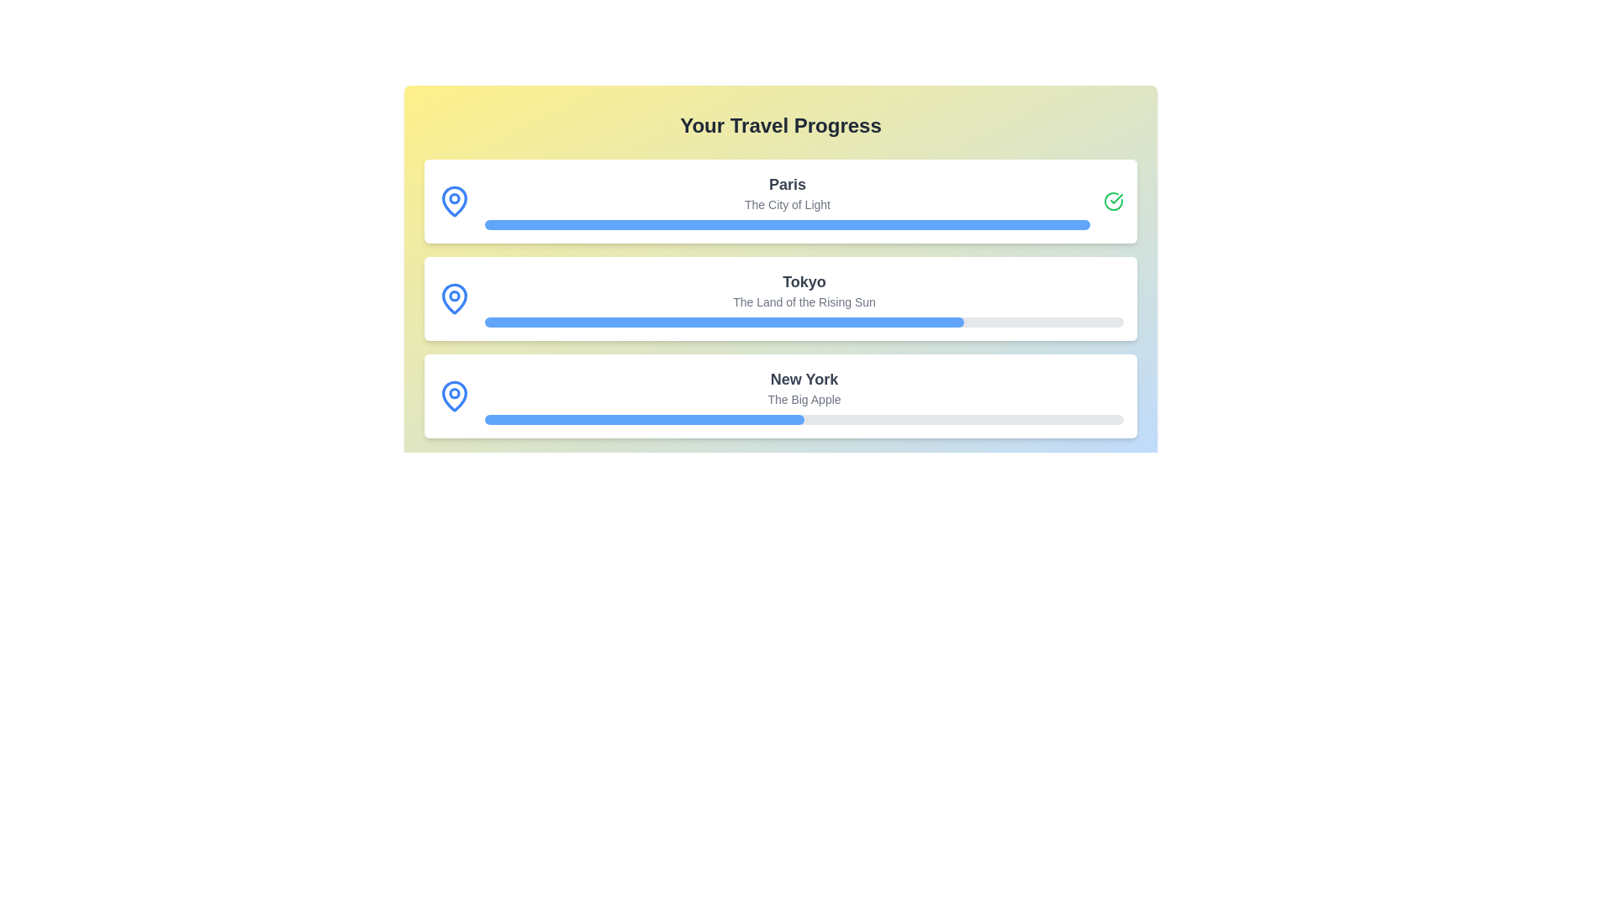 The width and height of the screenshot is (1614, 907). I want to click on the map pin icon representing 'Paris', which is the first element in the horizontal row displaying information about the city, so click(455, 200).